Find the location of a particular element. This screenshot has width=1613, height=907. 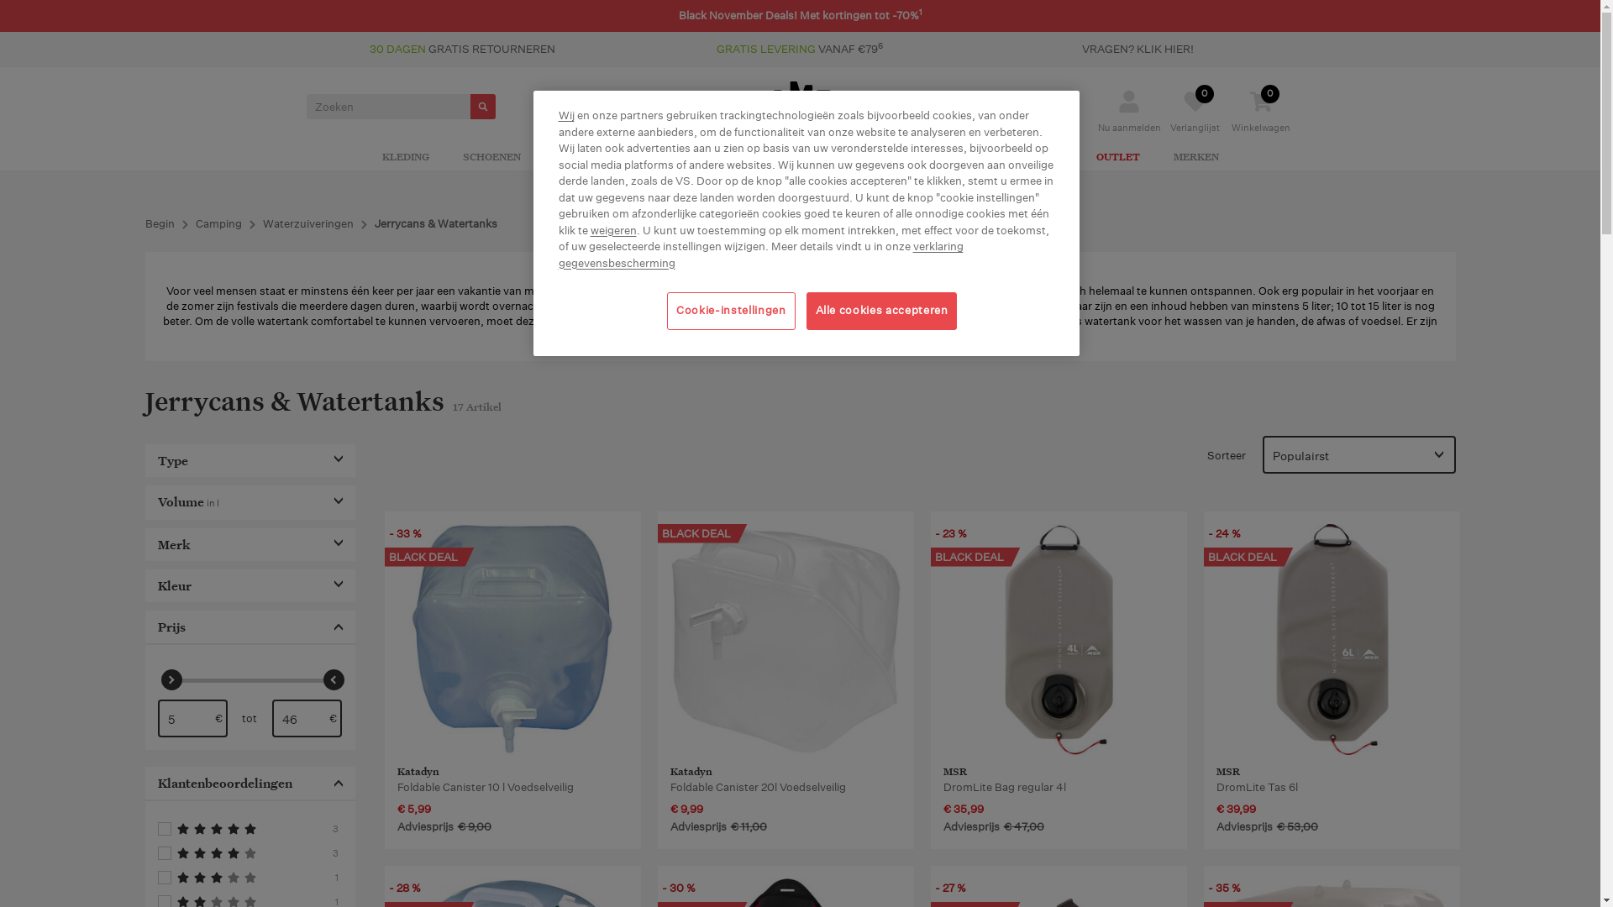

'KLEDING' is located at coordinates (404, 158).